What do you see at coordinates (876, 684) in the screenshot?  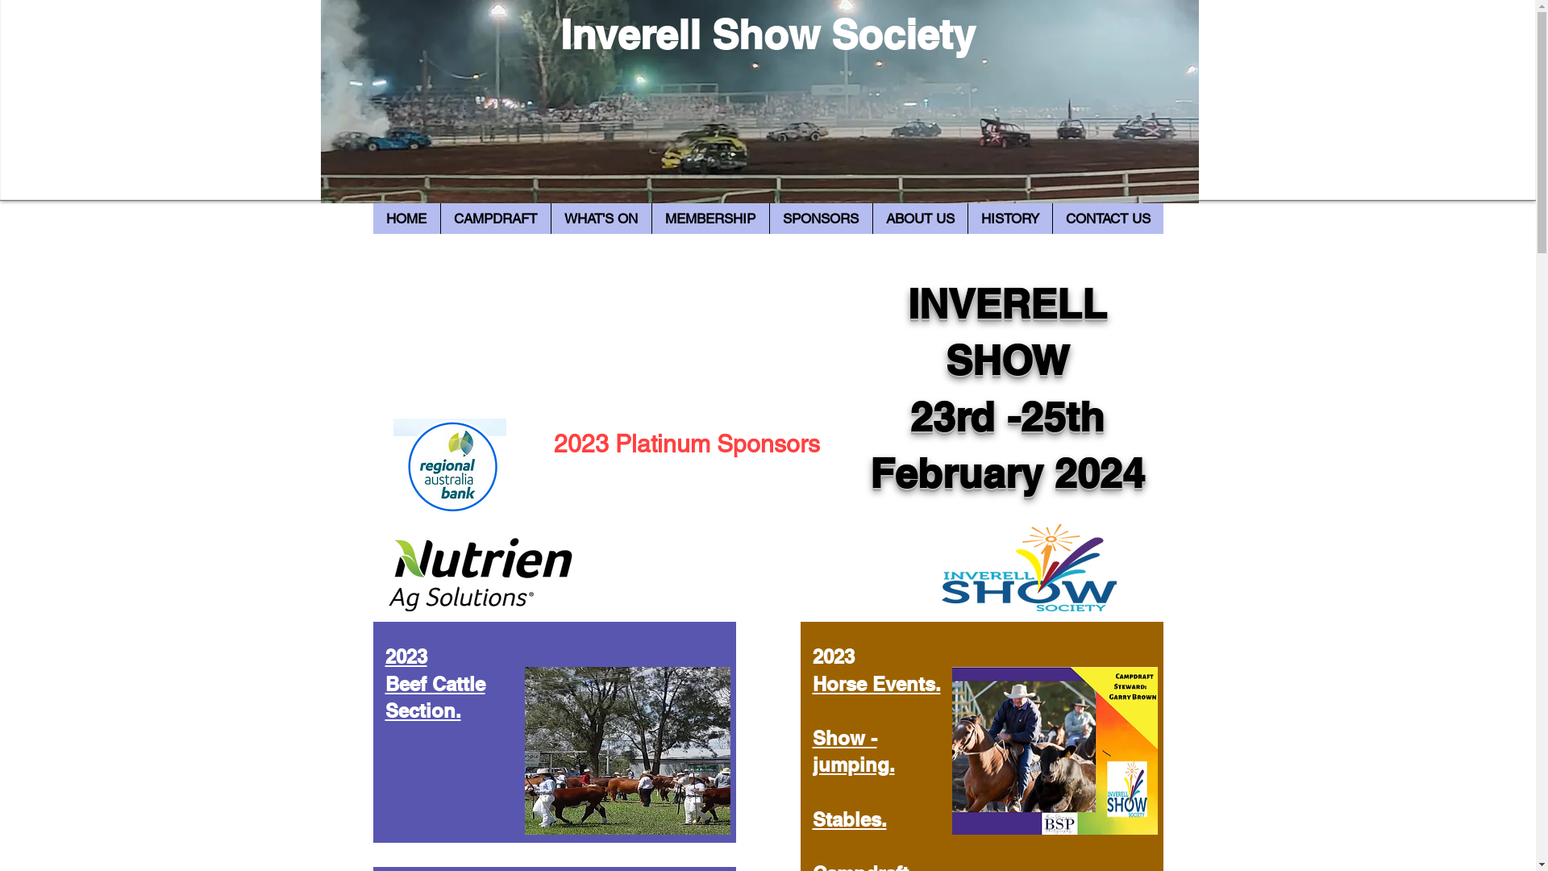 I see `'Horse Events.'` at bounding box center [876, 684].